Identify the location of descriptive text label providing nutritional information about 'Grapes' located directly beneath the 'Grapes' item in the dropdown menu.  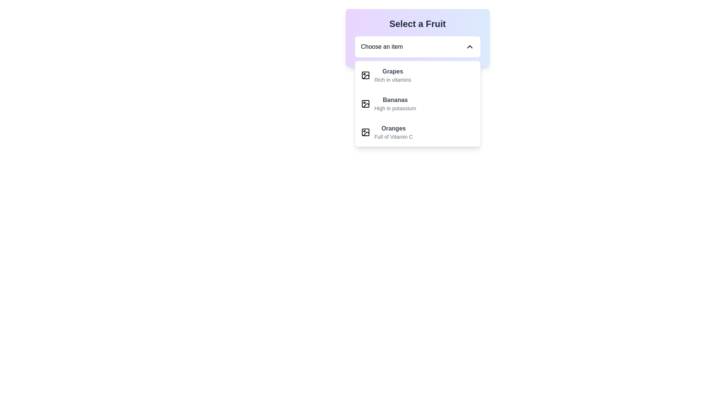
(392, 79).